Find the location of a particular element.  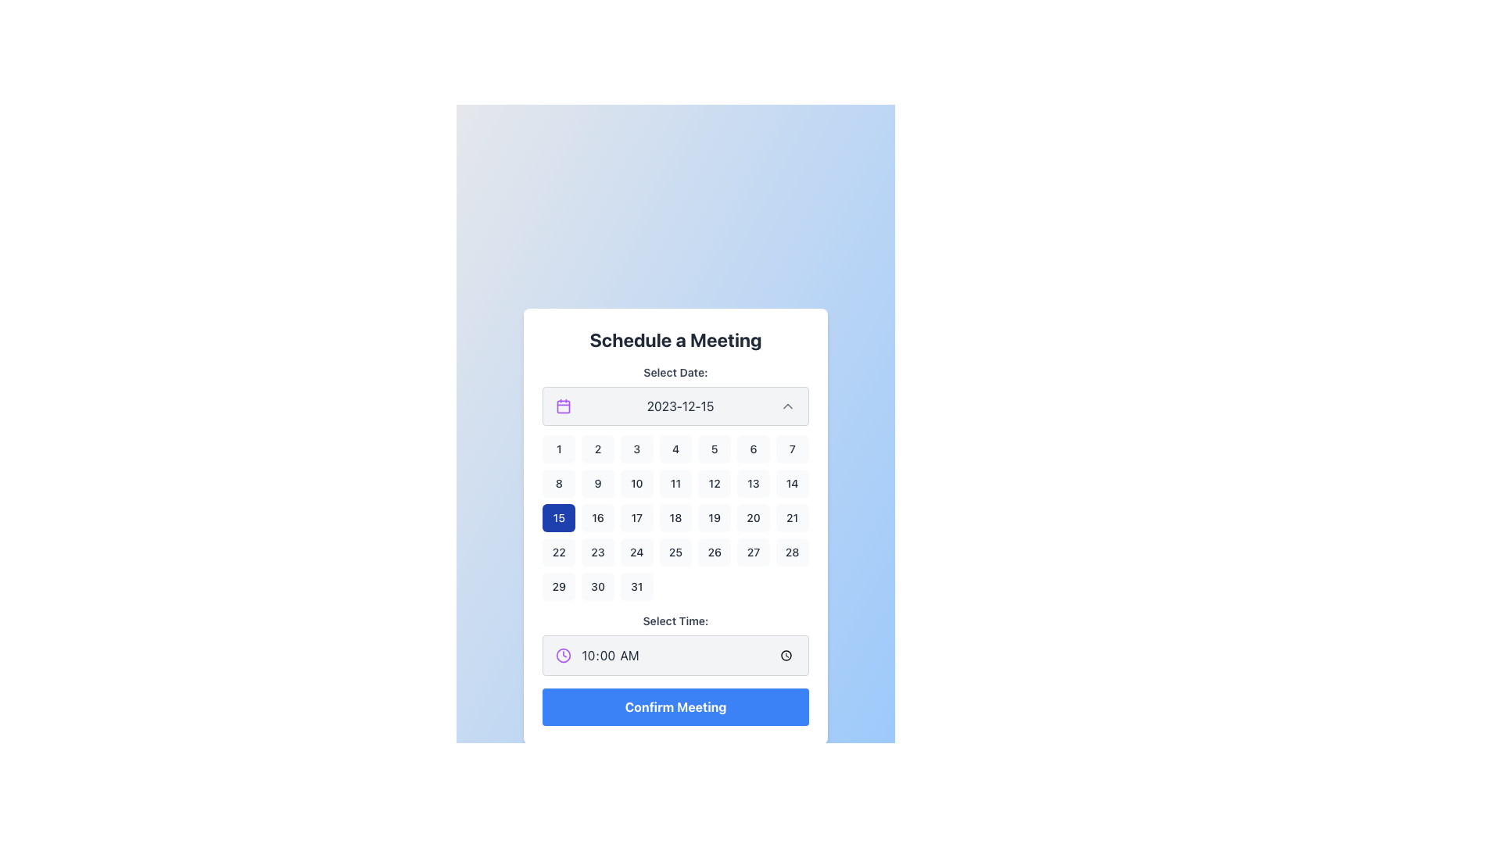

the button labeled '3' in the calendar grid is located at coordinates (636, 449).